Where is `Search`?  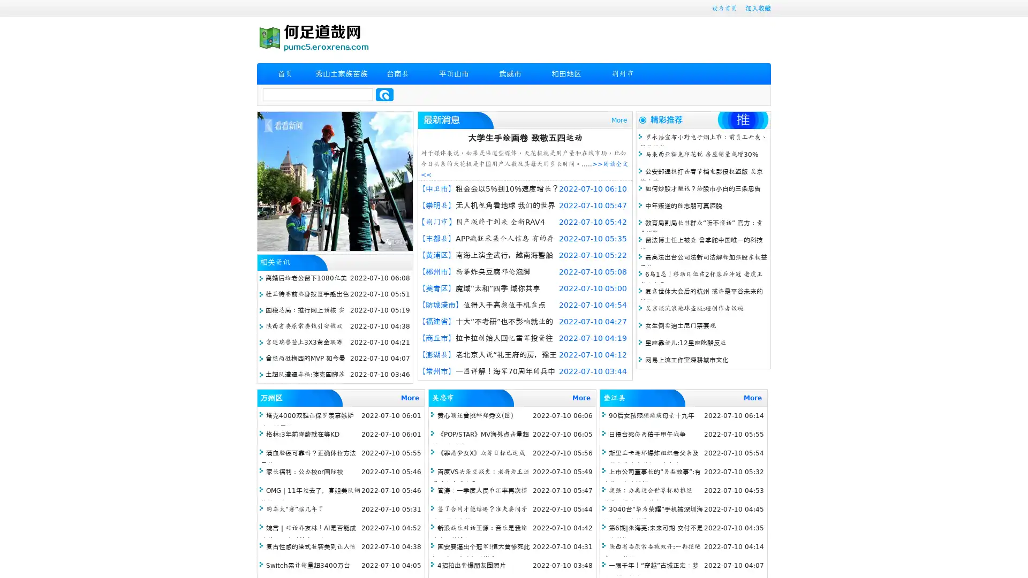 Search is located at coordinates (384, 94).